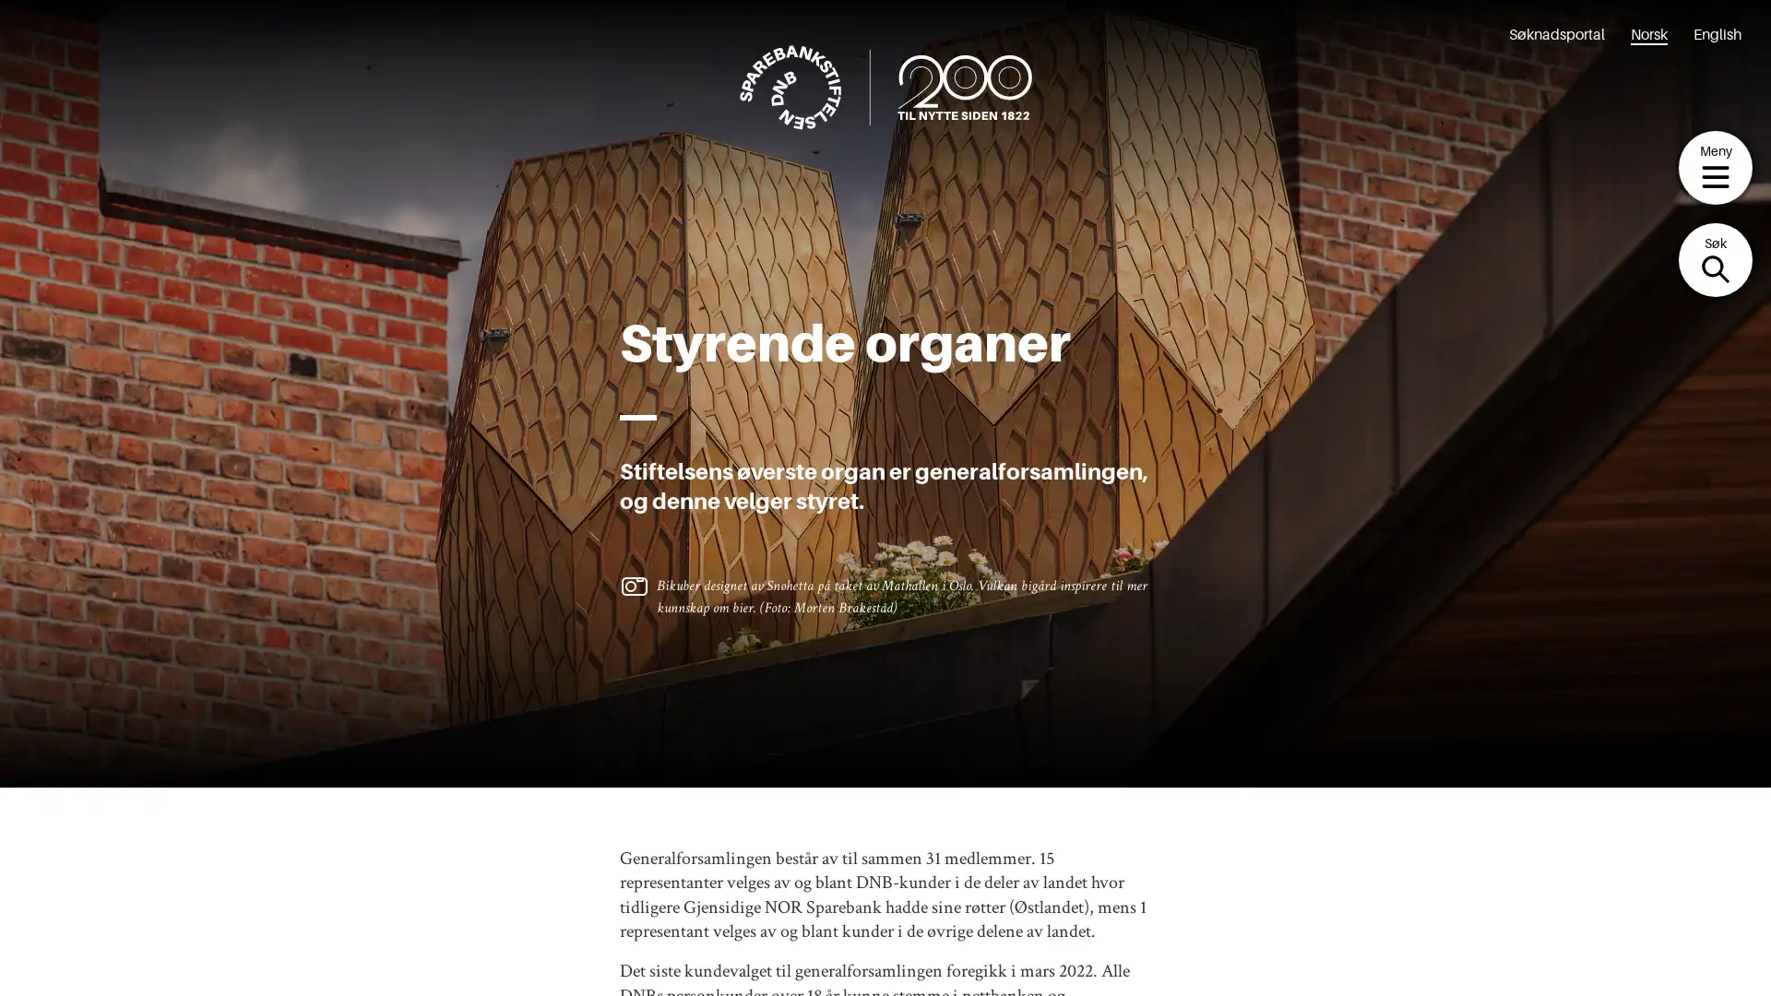 This screenshot has height=996, width=1771. I want to click on Vis leverandrer i denne kategorien, so click(753, 798).